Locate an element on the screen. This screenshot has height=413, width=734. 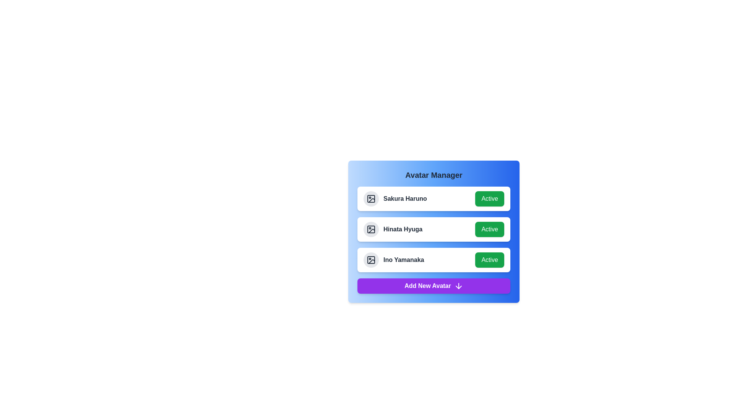
the text label displaying 'Hinata Hyuga', which is the second item in the user entry list, positioned between an avatar on the left and an 'Active' status button on the right is located at coordinates (403, 229).